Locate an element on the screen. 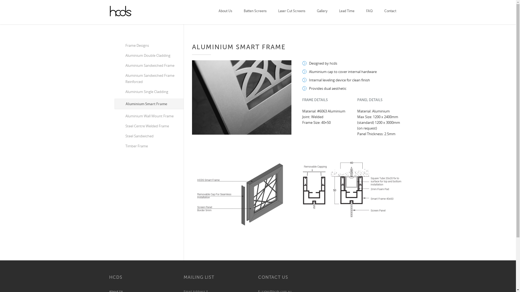 The image size is (520, 292). 'Aluminium Smart Frame' is located at coordinates (114, 104).